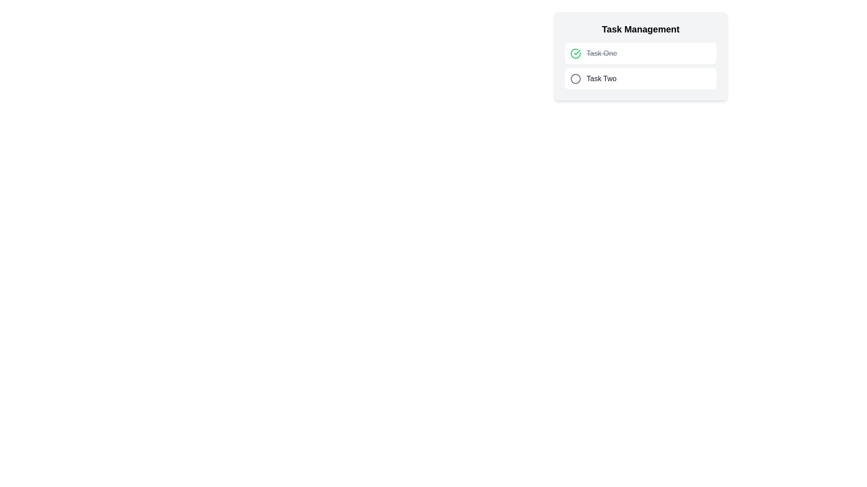  I want to click on the second interactive task item in the Task Management section, so click(640, 78).